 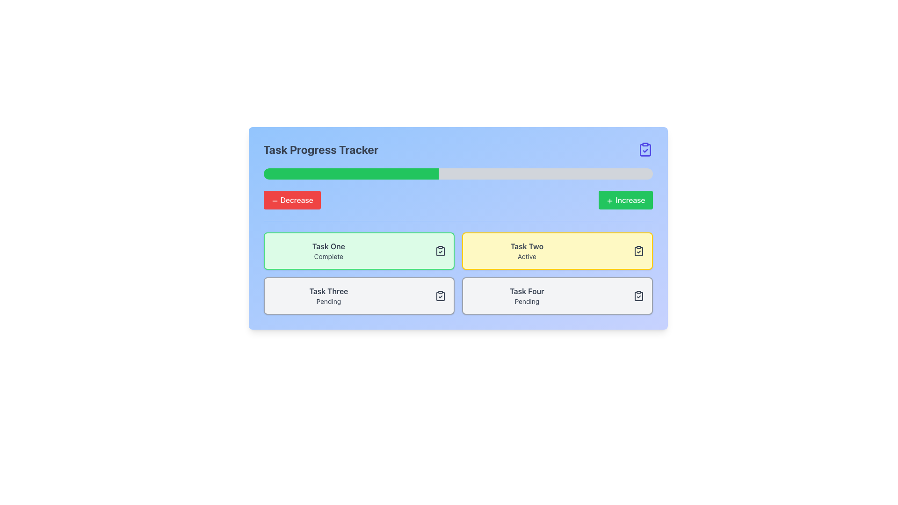 I want to click on the icon within the 'Increase' button located in the upper right section of the interface, adjacent to the green progress bar, so click(x=610, y=200).